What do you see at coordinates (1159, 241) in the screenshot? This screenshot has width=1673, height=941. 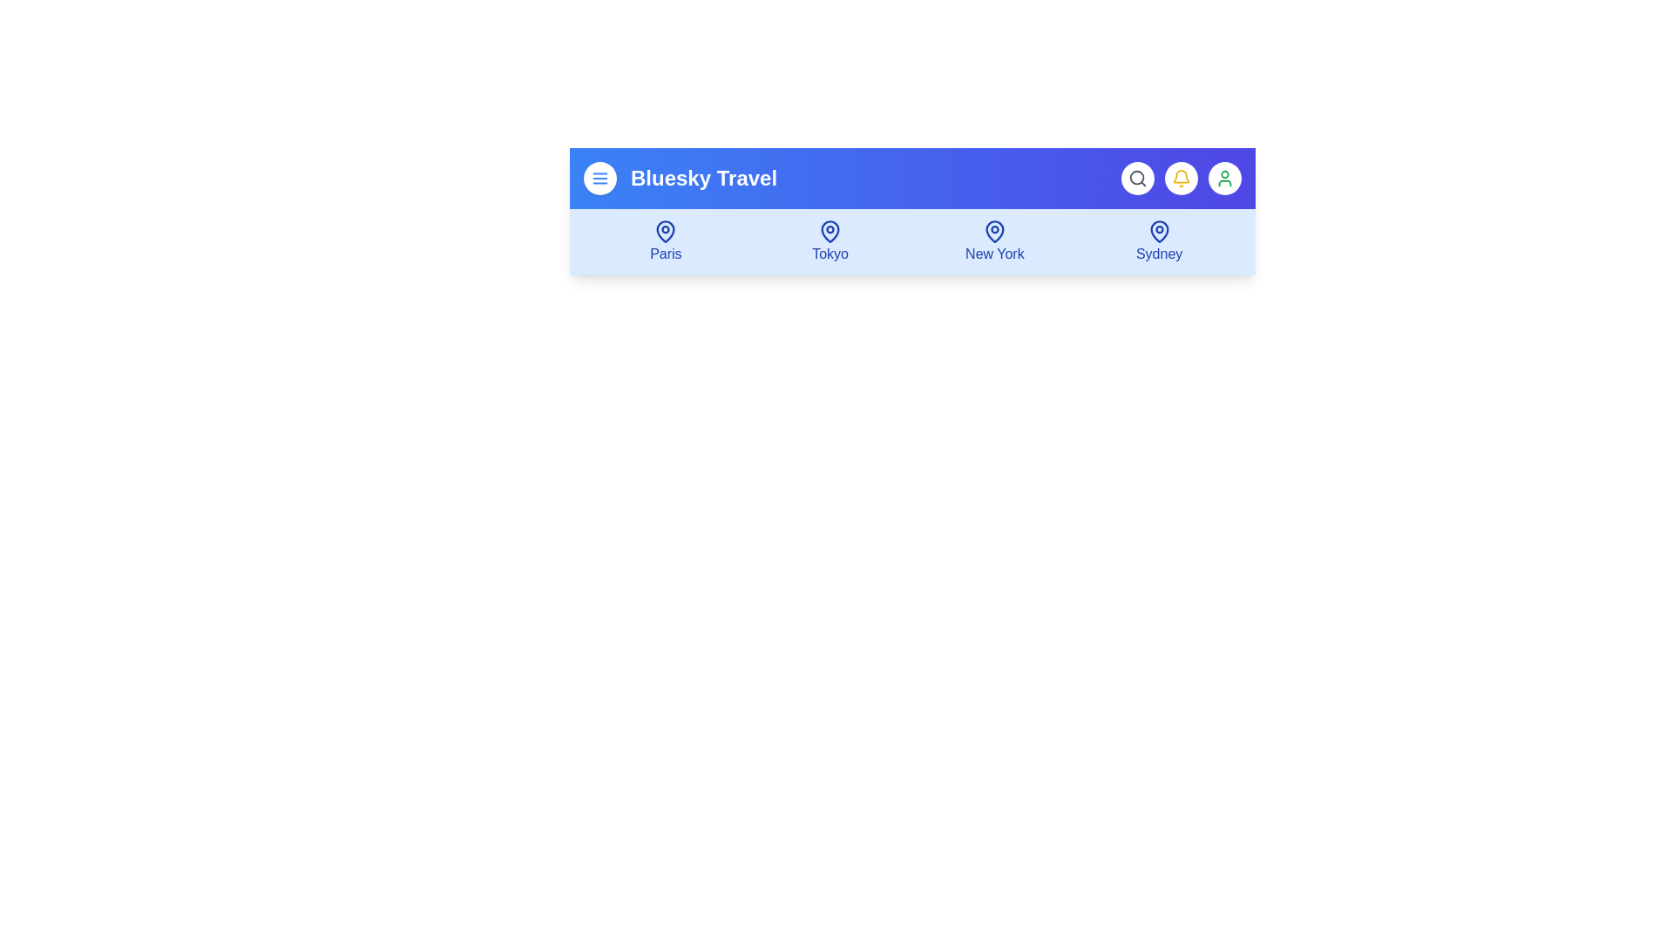 I see `the destination item Sydney` at bounding box center [1159, 241].